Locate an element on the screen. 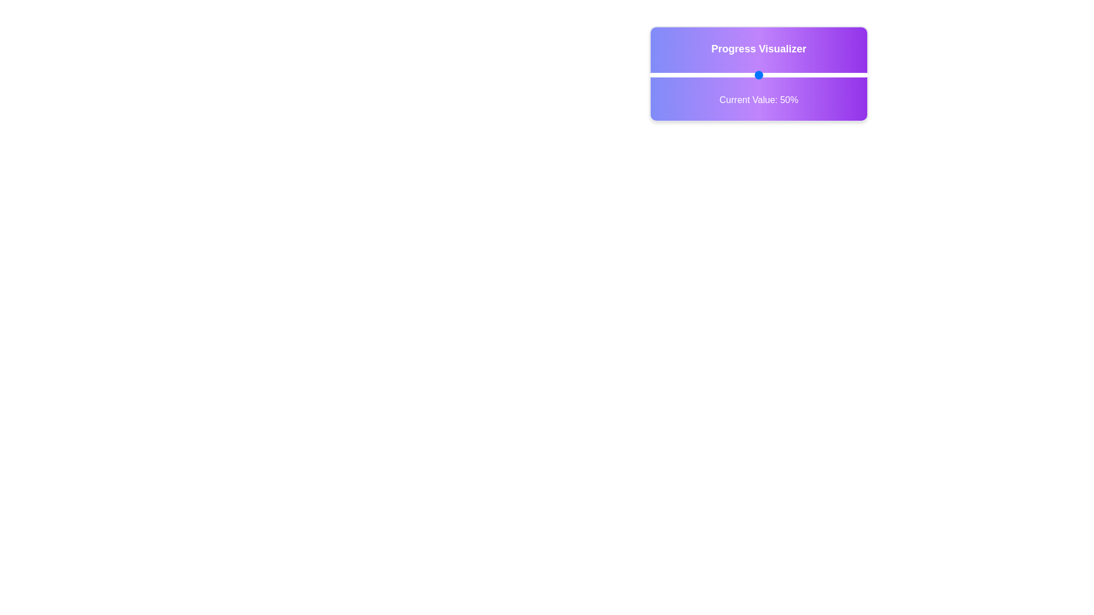  the slider to set the progress value to 34 is located at coordinates (723, 75).